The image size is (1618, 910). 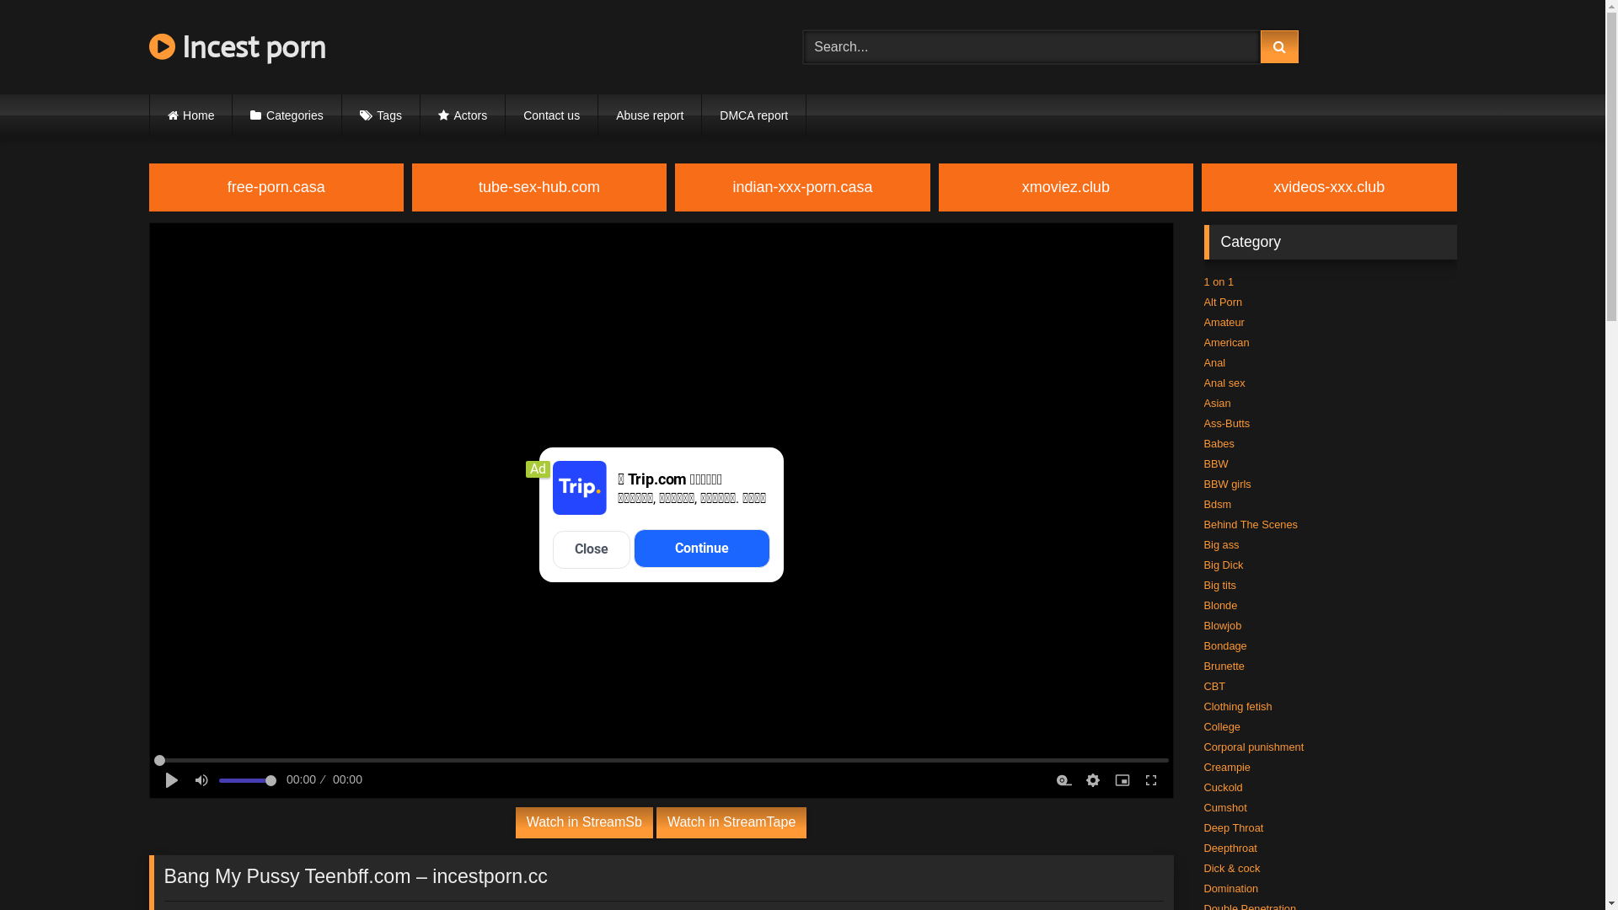 What do you see at coordinates (1226, 422) in the screenshot?
I see `'Ass-Butts'` at bounding box center [1226, 422].